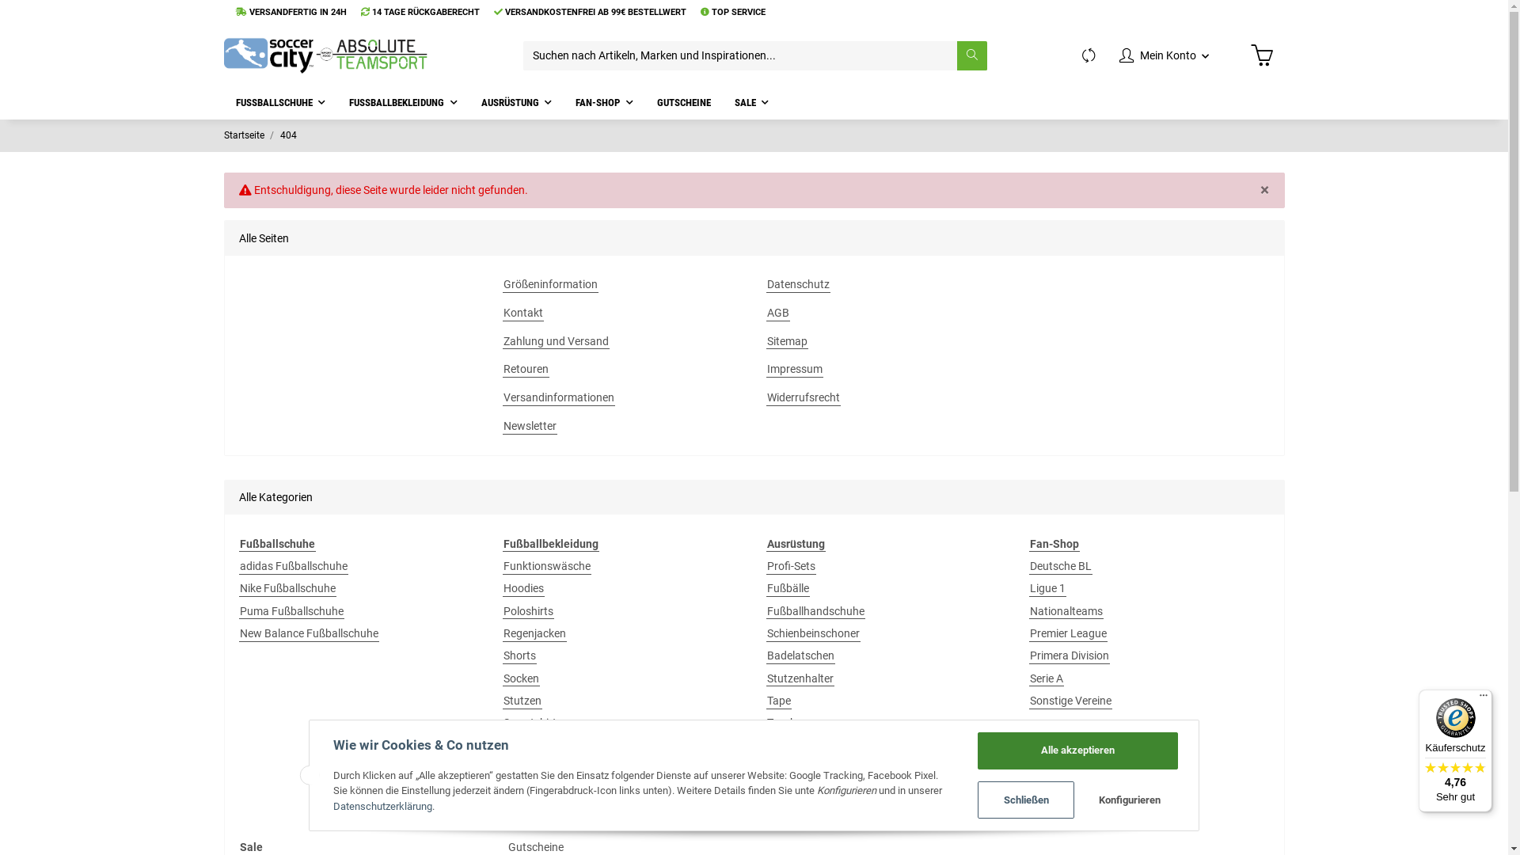 Image resolution: width=1520 pixels, height=855 pixels. Describe the element at coordinates (787, 340) in the screenshot. I see `'Sitemap'` at that location.